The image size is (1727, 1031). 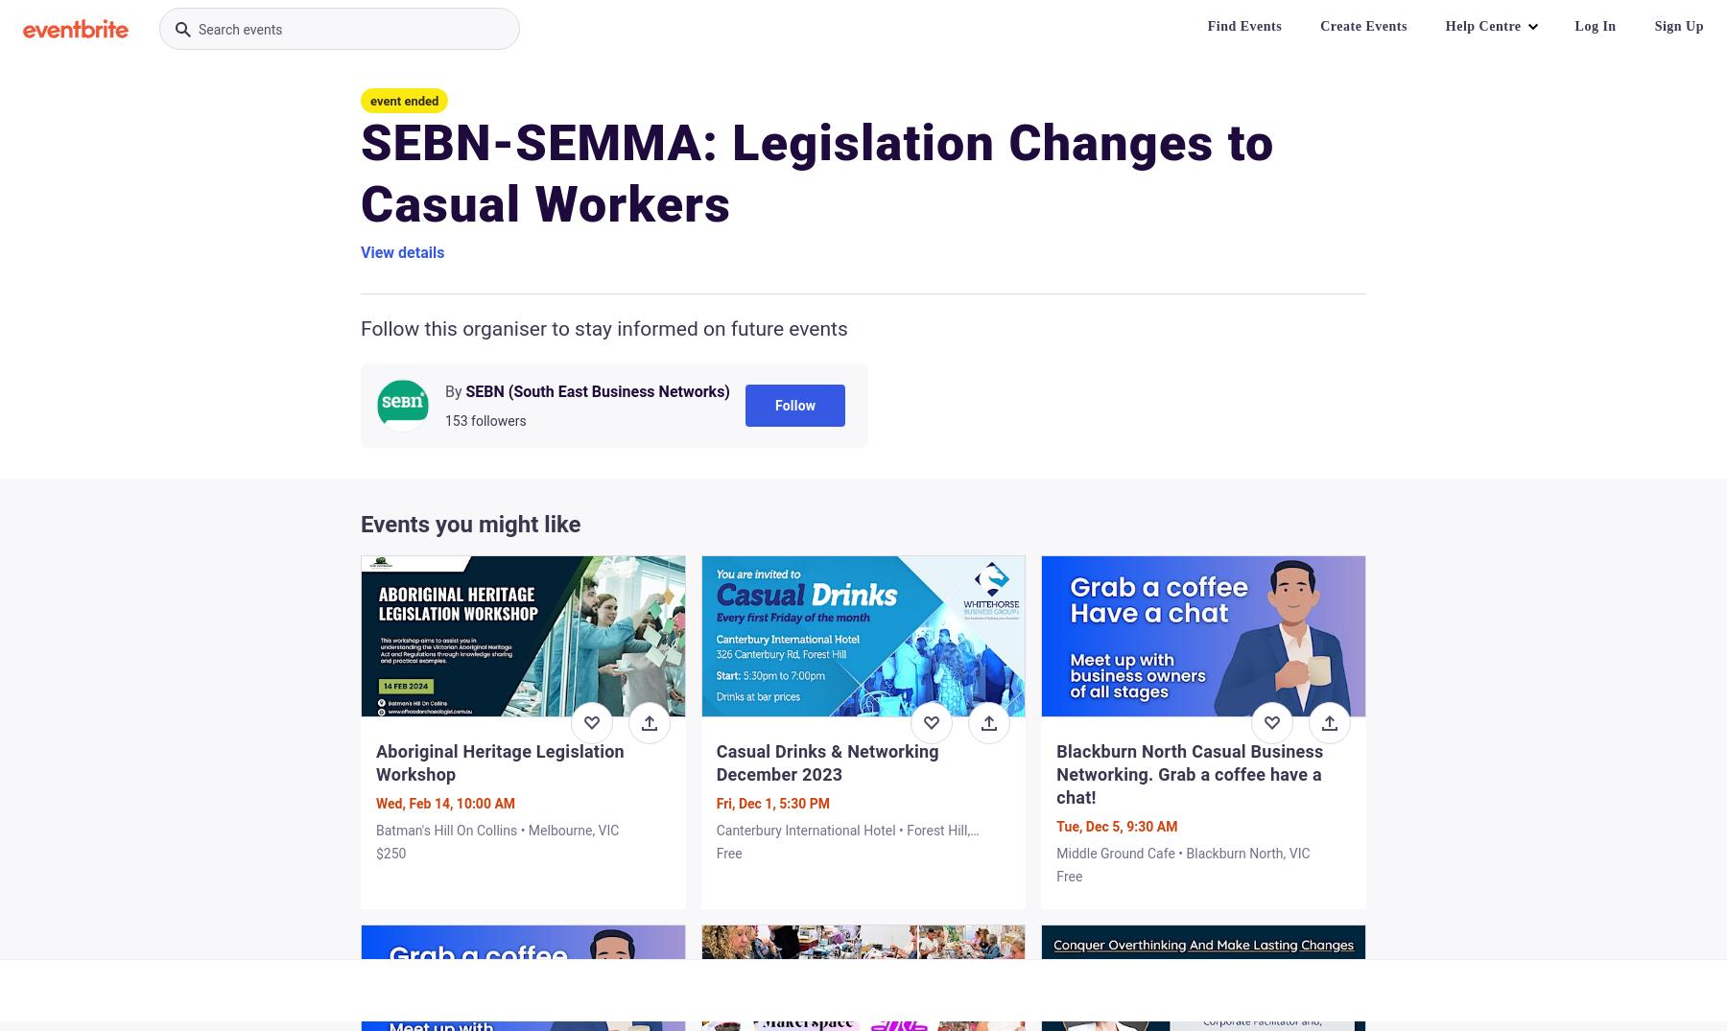 What do you see at coordinates (816, 174) in the screenshot?
I see `'SEBN-SEMMA: Legislation Changes to Casual Workers'` at bounding box center [816, 174].